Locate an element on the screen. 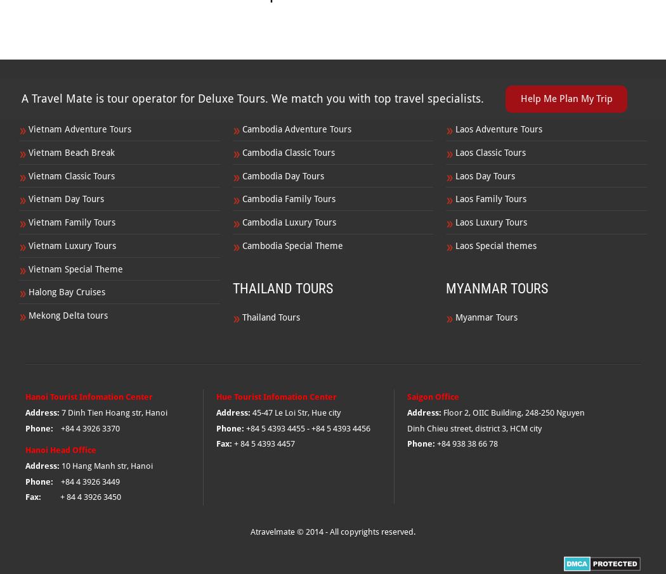 This screenshot has height=574, width=666. 'Cambodia Luxury Tours' is located at coordinates (288, 222).